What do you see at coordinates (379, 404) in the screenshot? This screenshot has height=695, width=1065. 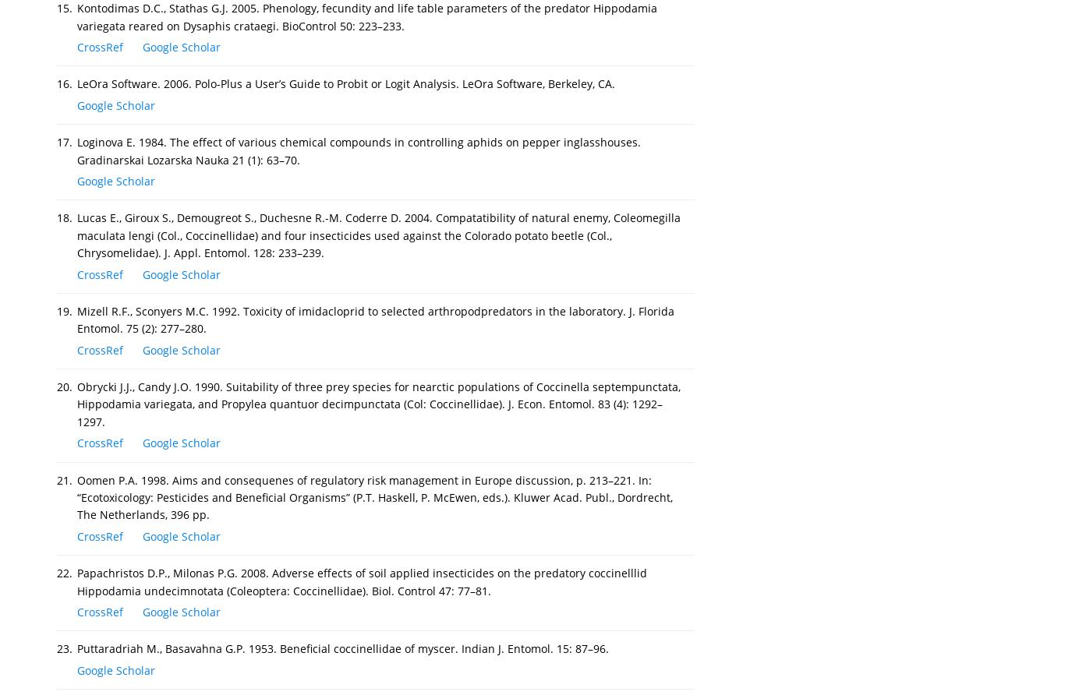 I see `'Obrycki J.J., Candy J.O. 1990. Suitability of three prey species for nearctic populations of Coccinella septempunctata, Hippodamia variegata, and Propylea quantuor decimpunctata (Col: Coccinellidae). J. Econ. Entomol. 83 (4): 1292–1297.'` at bounding box center [379, 404].